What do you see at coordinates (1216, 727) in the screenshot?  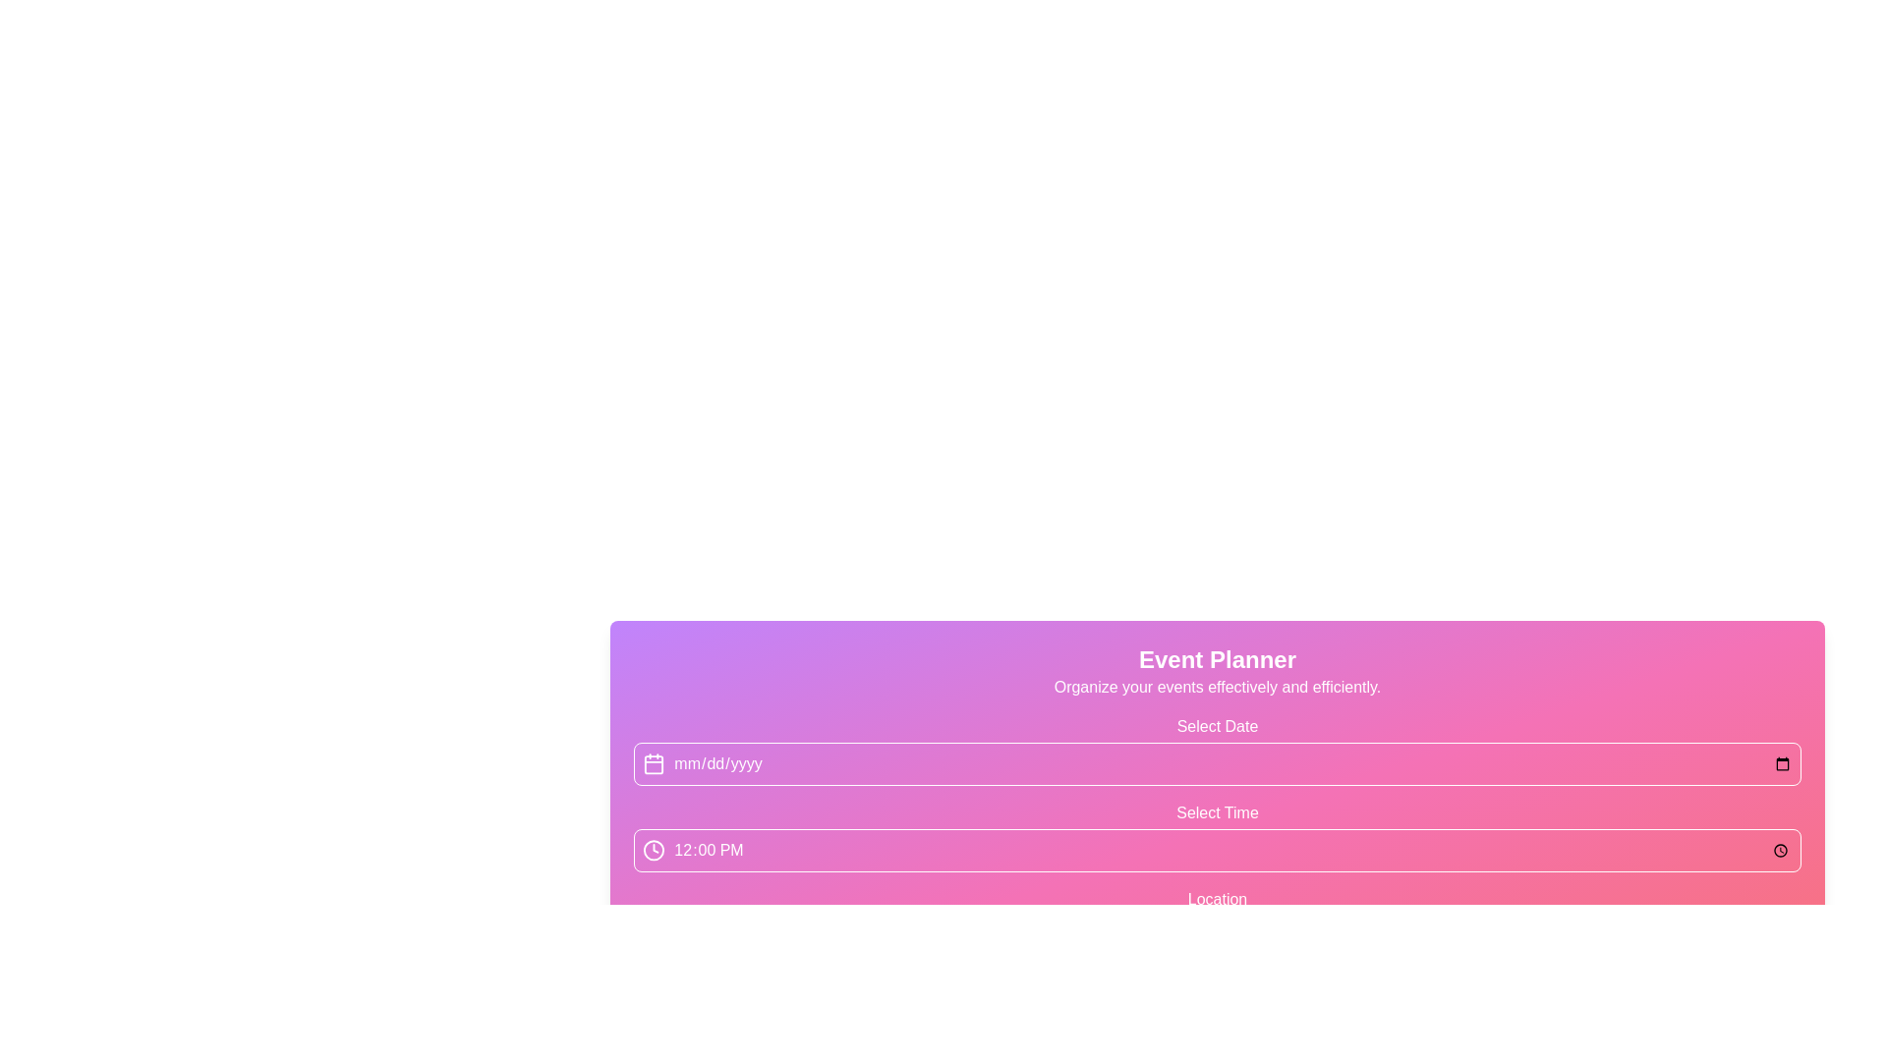 I see `Text Label that indicates the usage or purpose of the associated date input field, positioned above the bordered input field and icon` at bounding box center [1216, 727].